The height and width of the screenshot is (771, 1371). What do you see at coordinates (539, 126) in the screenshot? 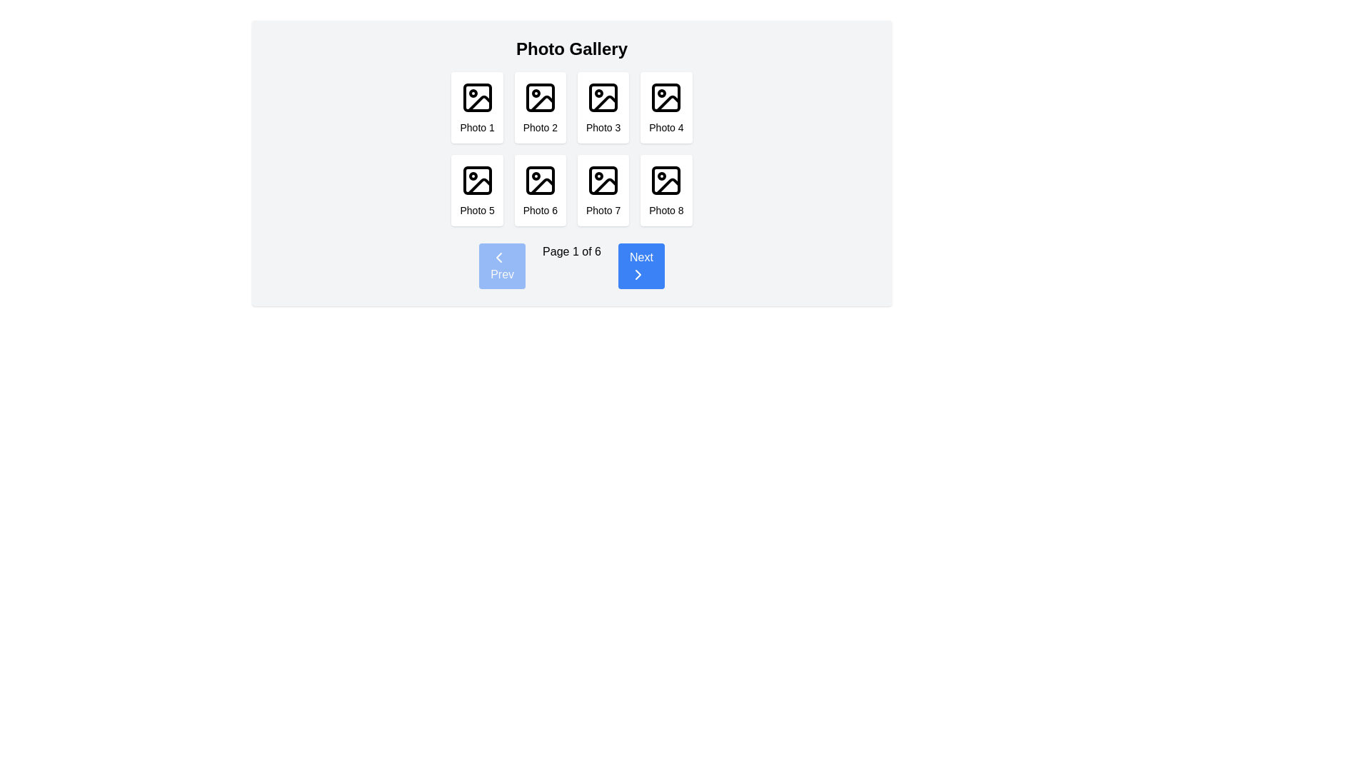
I see `the text label element reading 'Photo 2', which is located directly underneath the second image icon in the top row of the gallery interface` at bounding box center [539, 126].